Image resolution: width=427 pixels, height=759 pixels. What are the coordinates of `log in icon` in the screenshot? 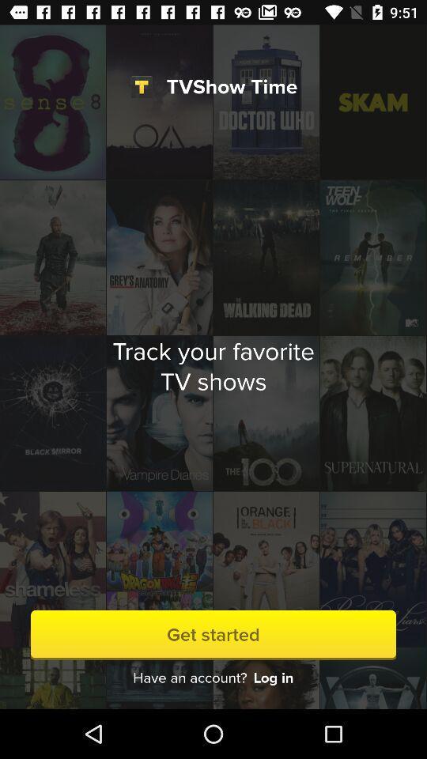 It's located at (272, 677).